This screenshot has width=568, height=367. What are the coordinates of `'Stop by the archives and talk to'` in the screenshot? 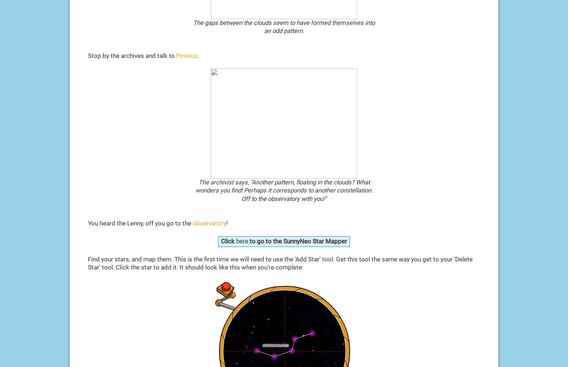 It's located at (88, 55).